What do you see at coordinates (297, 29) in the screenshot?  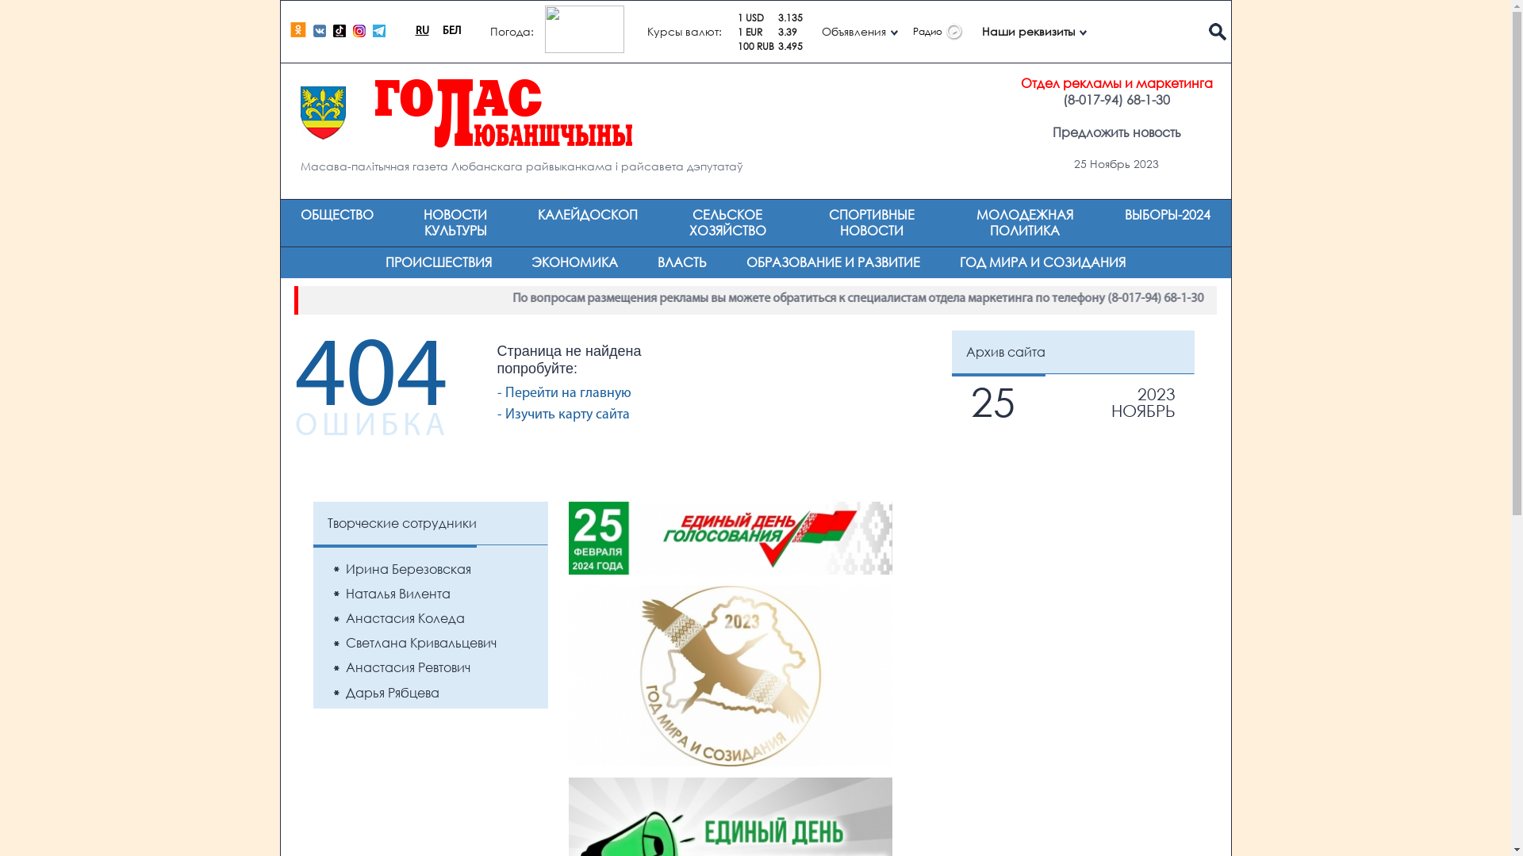 I see `'ok.ru'` at bounding box center [297, 29].